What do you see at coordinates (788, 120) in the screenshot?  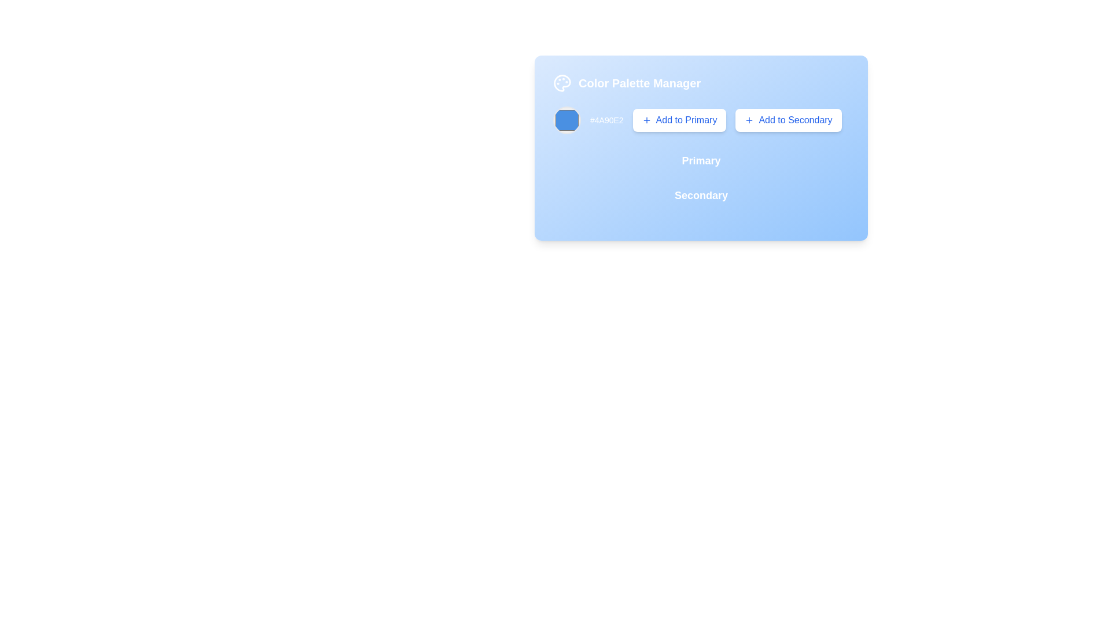 I see `the 'Add to Secondary' button, which is a rectangular button with blue text on a white background, located within the 'Color Palette Manager' card` at bounding box center [788, 120].